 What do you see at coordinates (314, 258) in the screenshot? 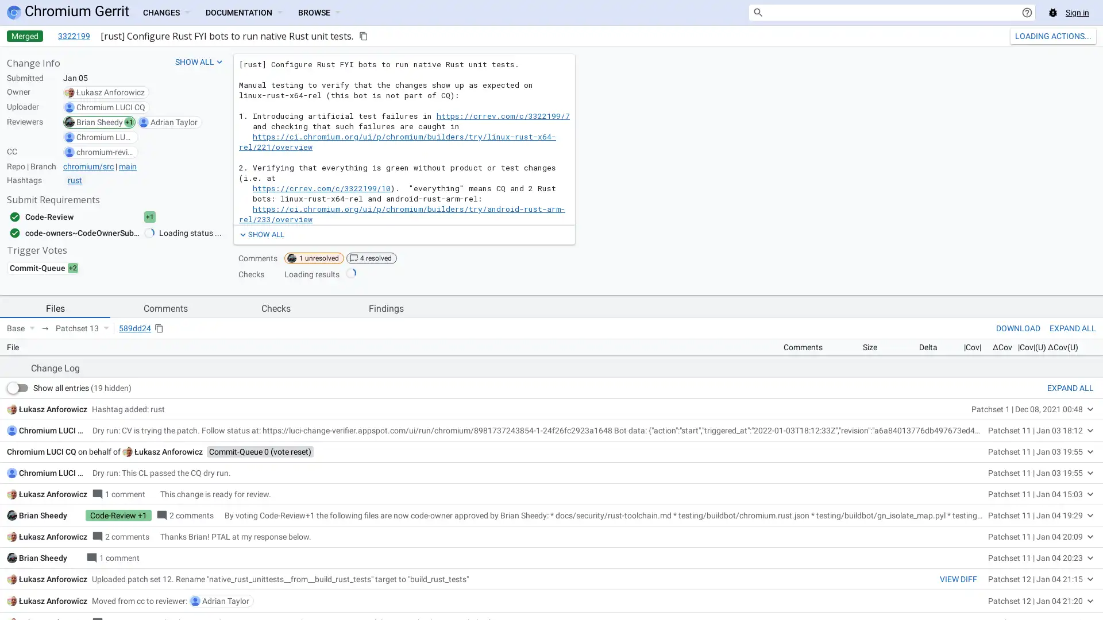
I see `1 unresolved` at bounding box center [314, 258].